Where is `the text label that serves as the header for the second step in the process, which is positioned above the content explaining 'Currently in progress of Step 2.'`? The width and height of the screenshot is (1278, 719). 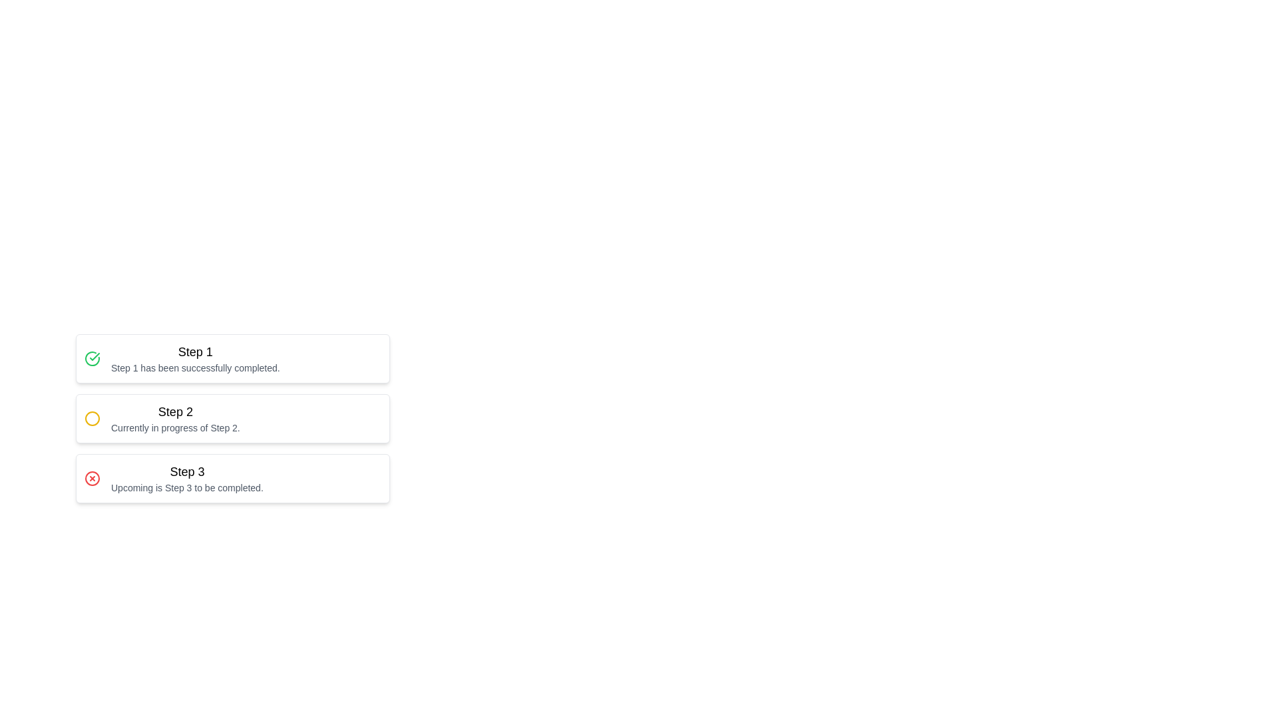
the text label that serves as the header for the second step in the process, which is positioned above the content explaining 'Currently in progress of Step 2.' is located at coordinates (174, 411).